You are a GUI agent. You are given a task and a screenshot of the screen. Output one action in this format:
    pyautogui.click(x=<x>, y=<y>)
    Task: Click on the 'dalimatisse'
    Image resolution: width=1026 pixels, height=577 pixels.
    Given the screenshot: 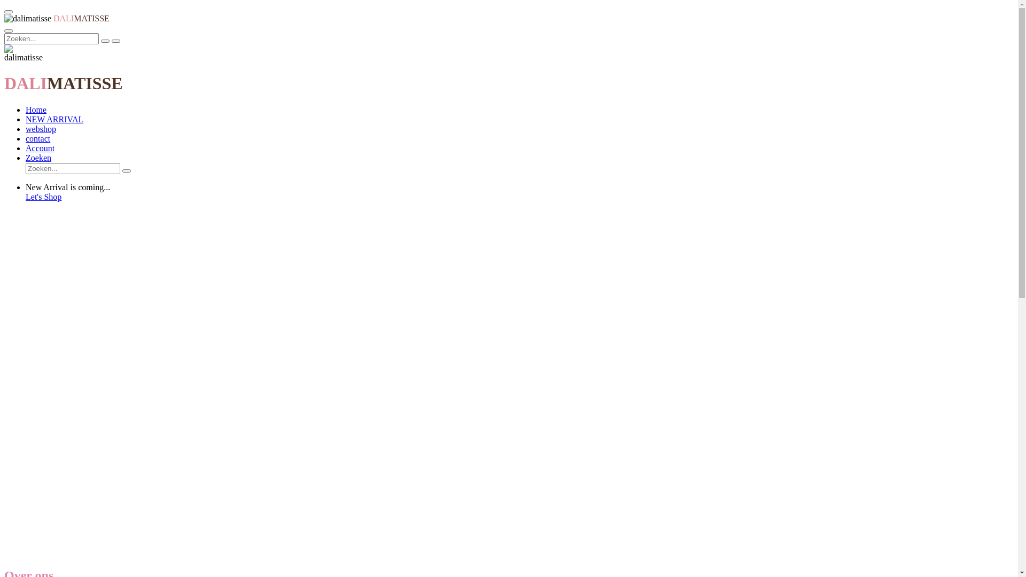 What is the action you would take?
    pyautogui.click(x=23, y=53)
    